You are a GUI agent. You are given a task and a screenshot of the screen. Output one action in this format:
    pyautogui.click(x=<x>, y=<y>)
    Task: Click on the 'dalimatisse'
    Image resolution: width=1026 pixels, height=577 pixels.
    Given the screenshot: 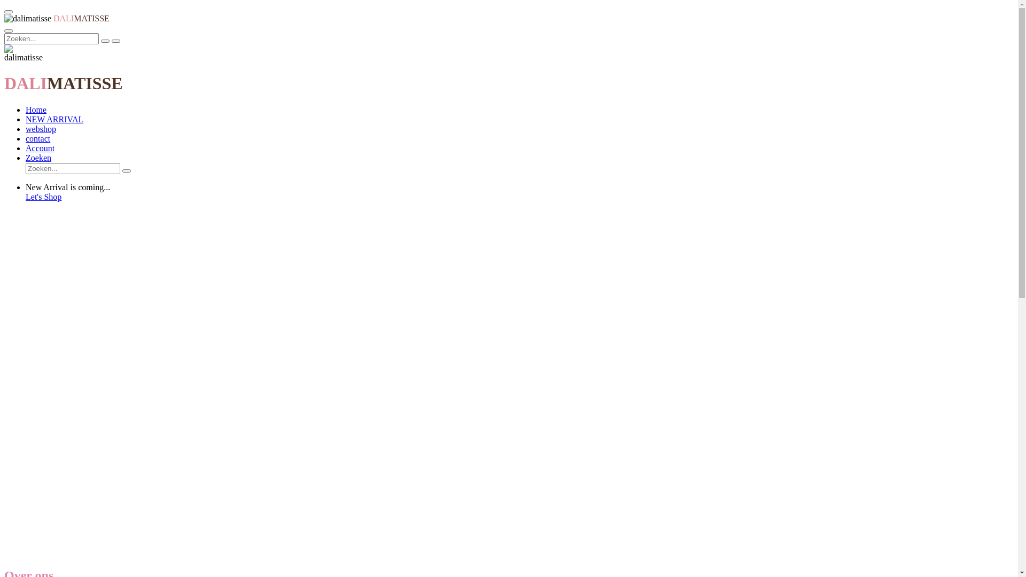 What is the action you would take?
    pyautogui.click(x=23, y=53)
    